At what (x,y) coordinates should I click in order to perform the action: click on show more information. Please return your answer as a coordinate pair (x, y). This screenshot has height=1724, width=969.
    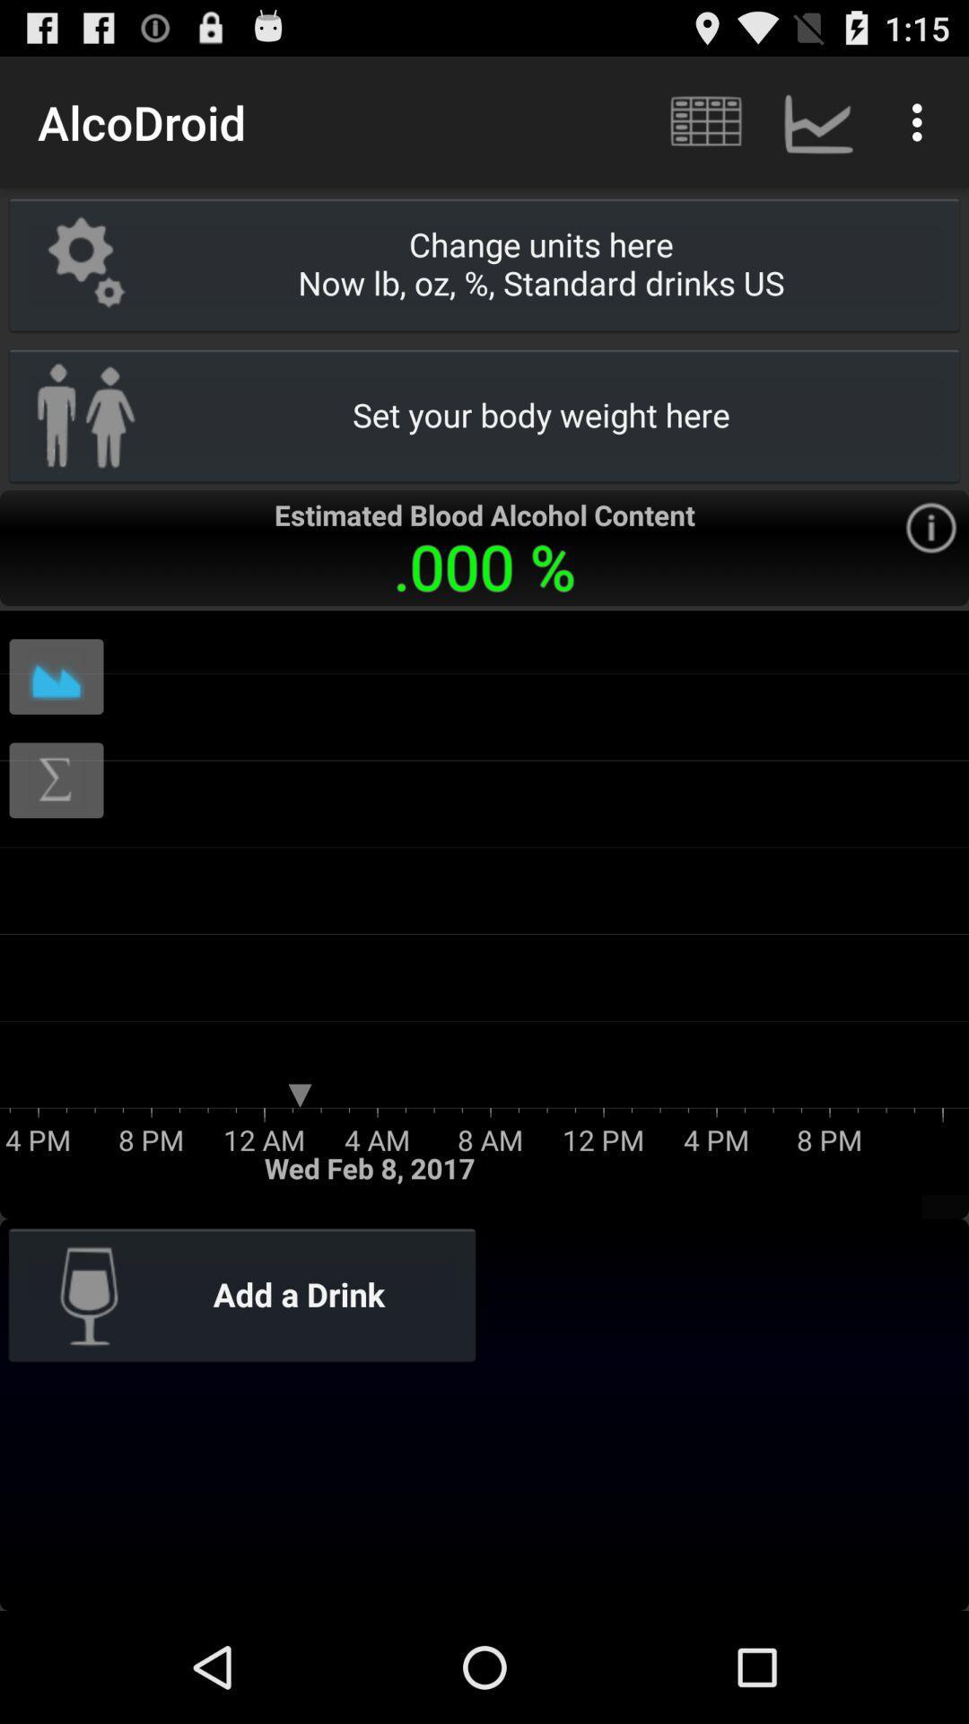
    Looking at the image, I should click on (930, 527).